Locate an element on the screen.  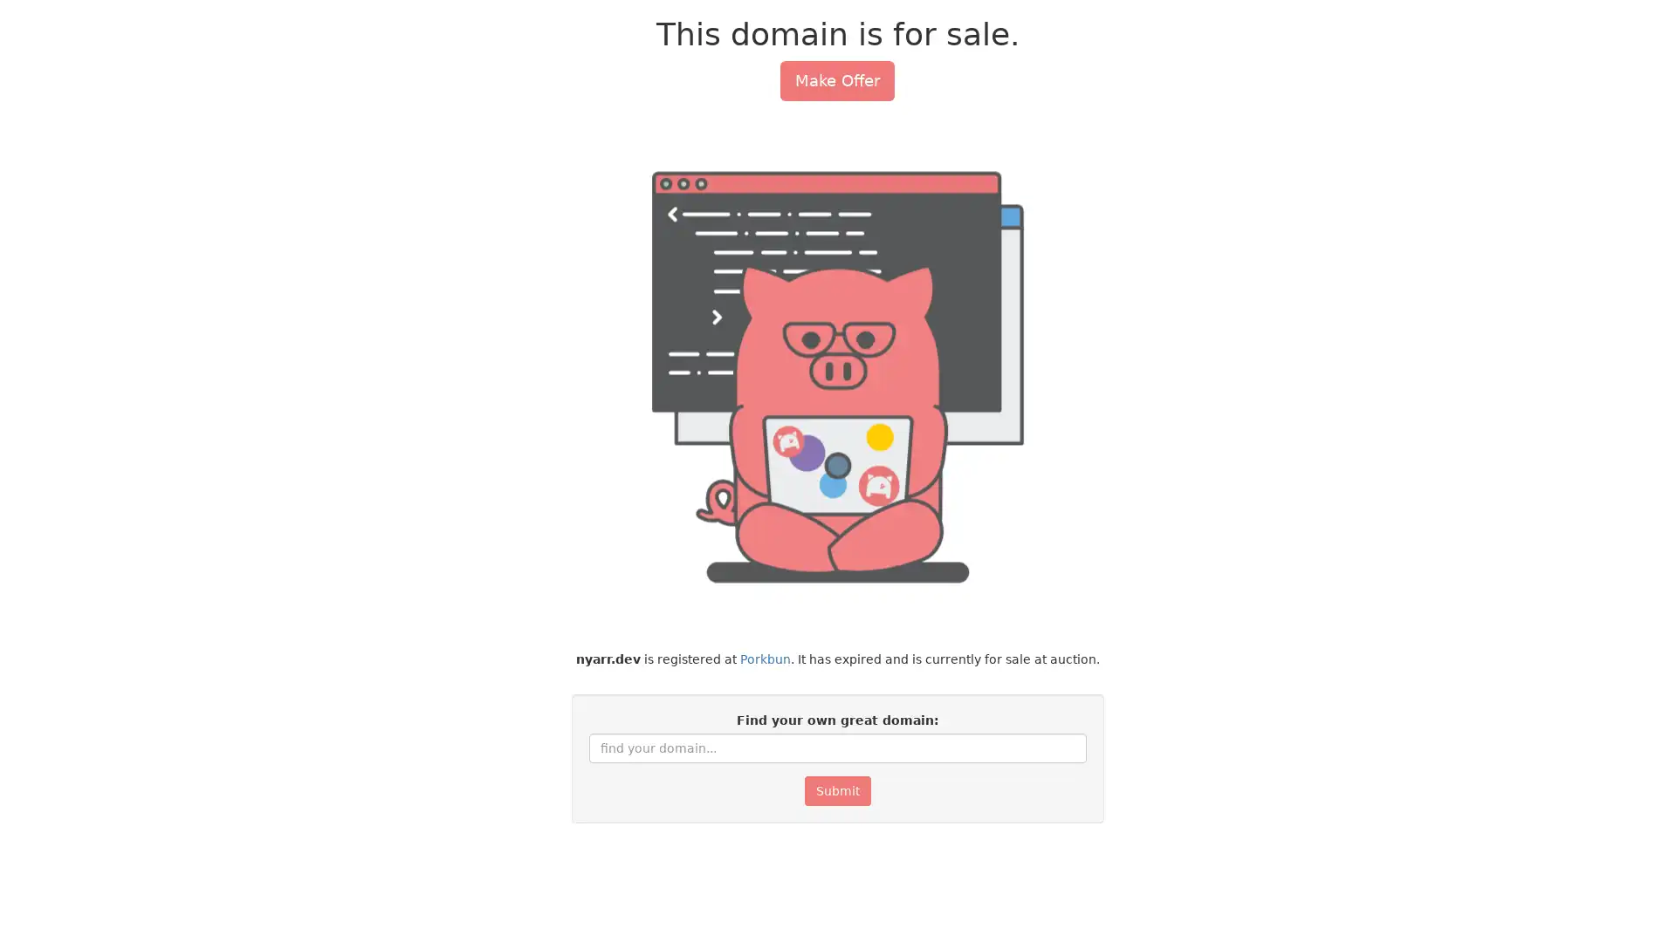
Submit is located at coordinates (836, 790).